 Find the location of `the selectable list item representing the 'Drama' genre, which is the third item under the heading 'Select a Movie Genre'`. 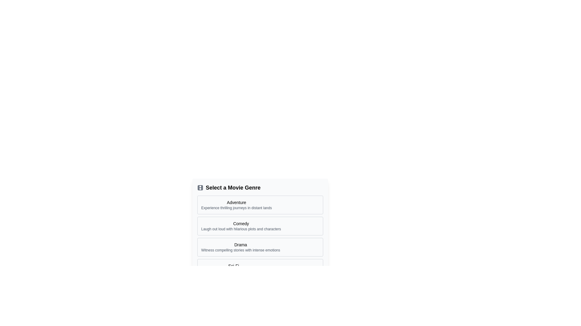

the selectable list item representing the 'Drama' genre, which is the third item under the heading 'Select a Movie Genre' is located at coordinates (260, 247).